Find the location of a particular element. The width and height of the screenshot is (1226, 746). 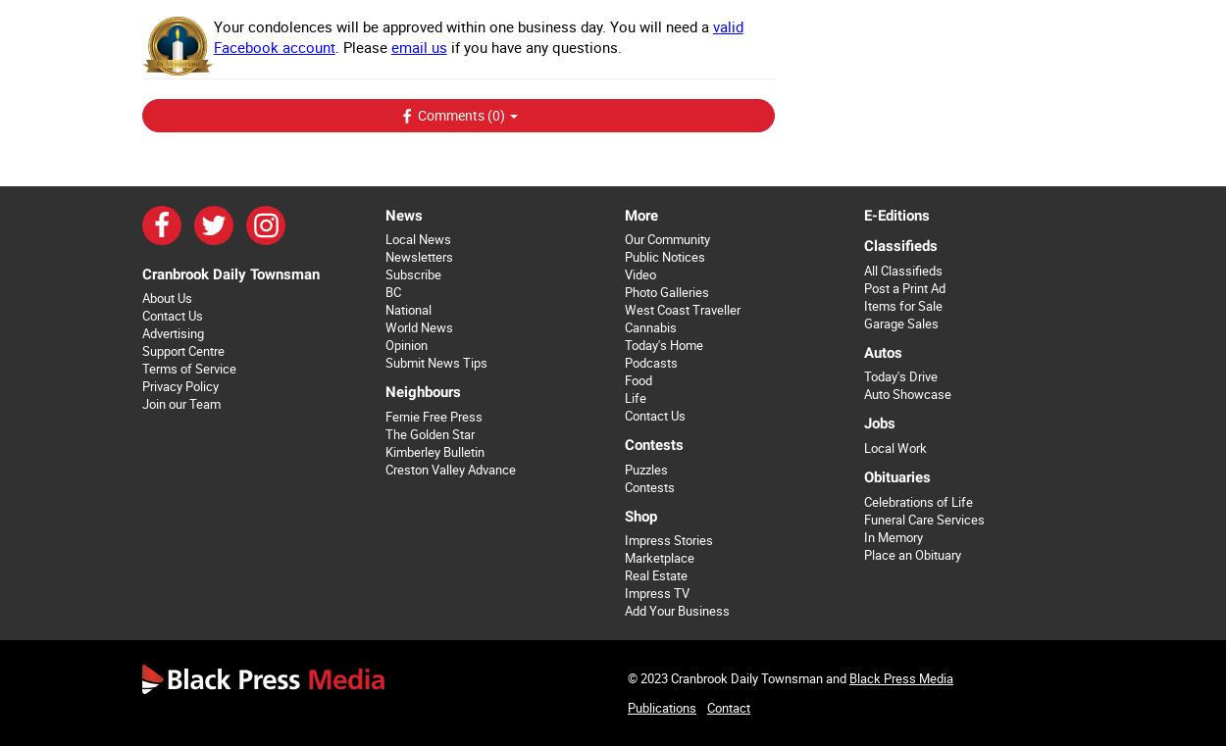

'Podcasts' is located at coordinates (650, 362).